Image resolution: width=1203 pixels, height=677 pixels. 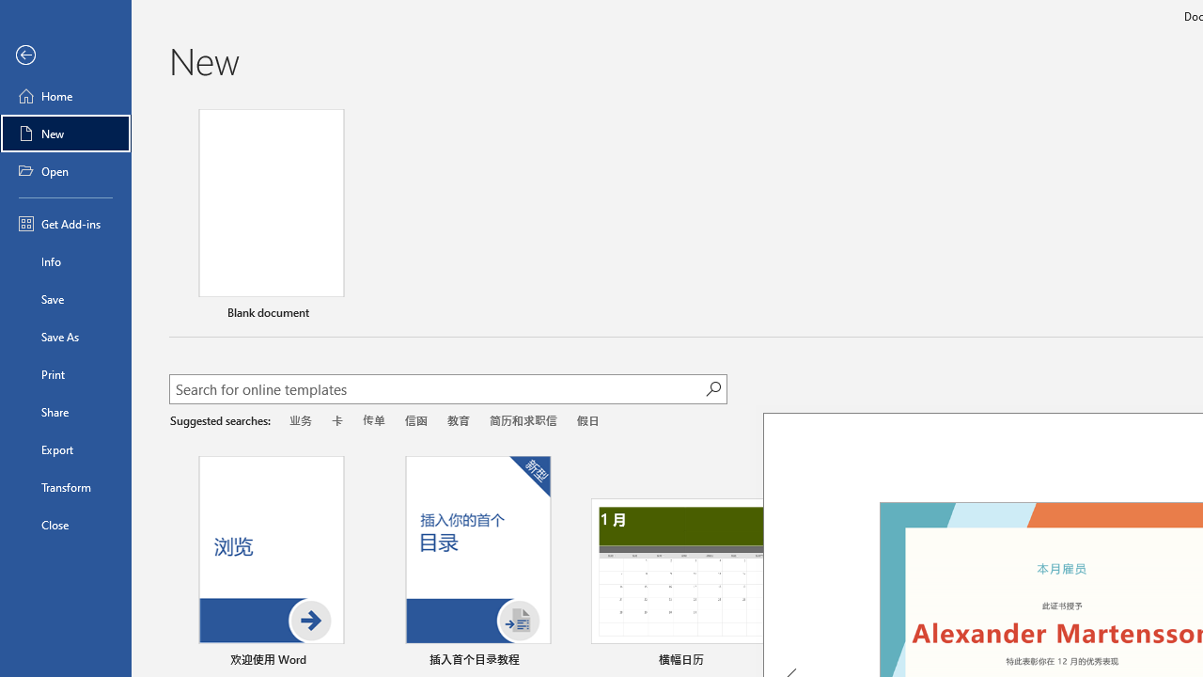 What do you see at coordinates (1179, 660) in the screenshot?
I see `'Pin to list'` at bounding box center [1179, 660].